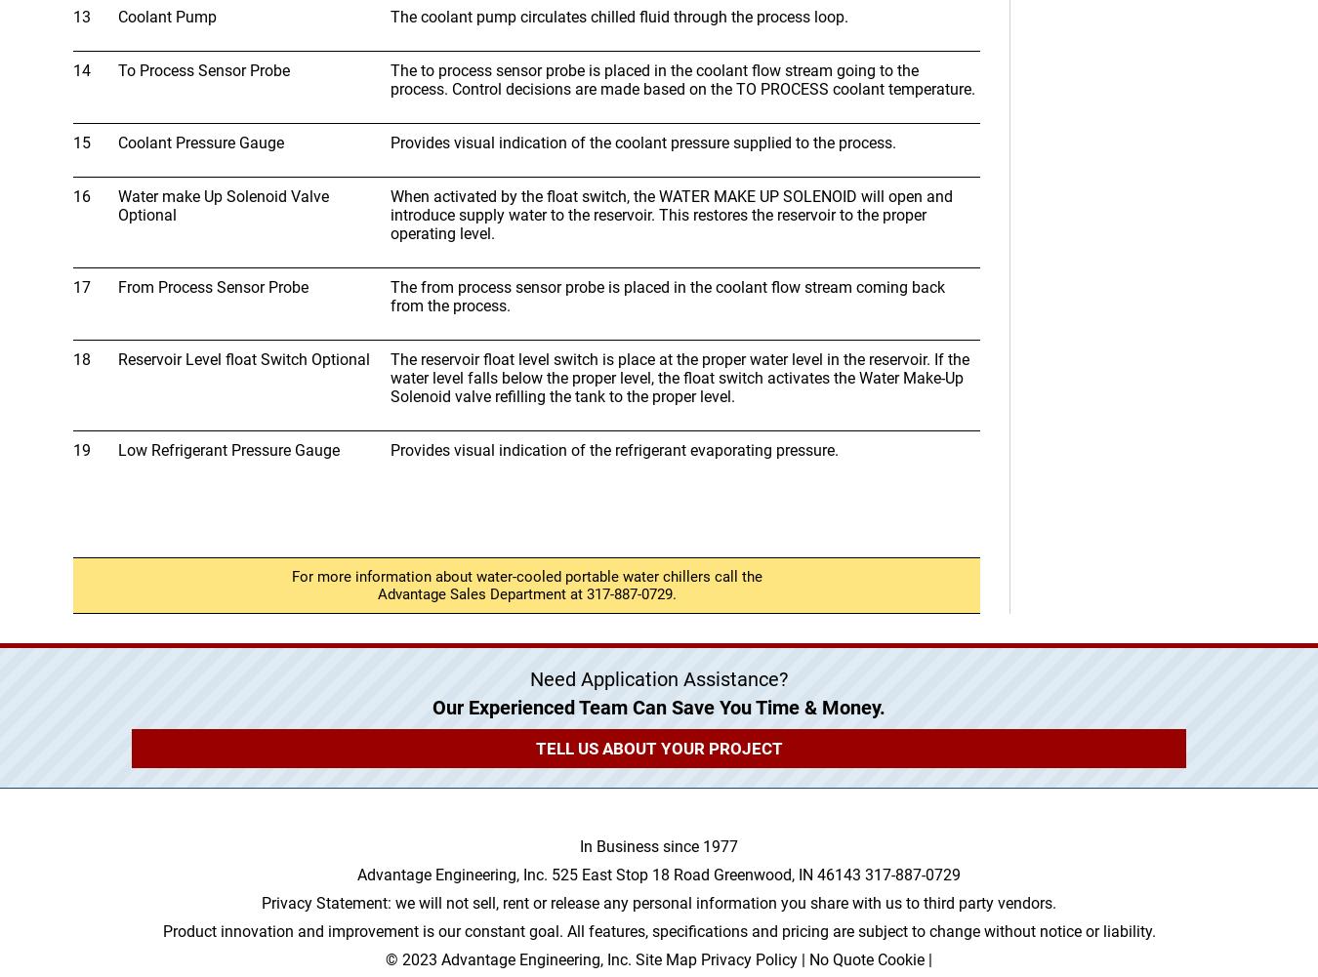 This screenshot has height=977, width=1318. What do you see at coordinates (203, 70) in the screenshot?
I see `'To Process Sensor Probe'` at bounding box center [203, 70].